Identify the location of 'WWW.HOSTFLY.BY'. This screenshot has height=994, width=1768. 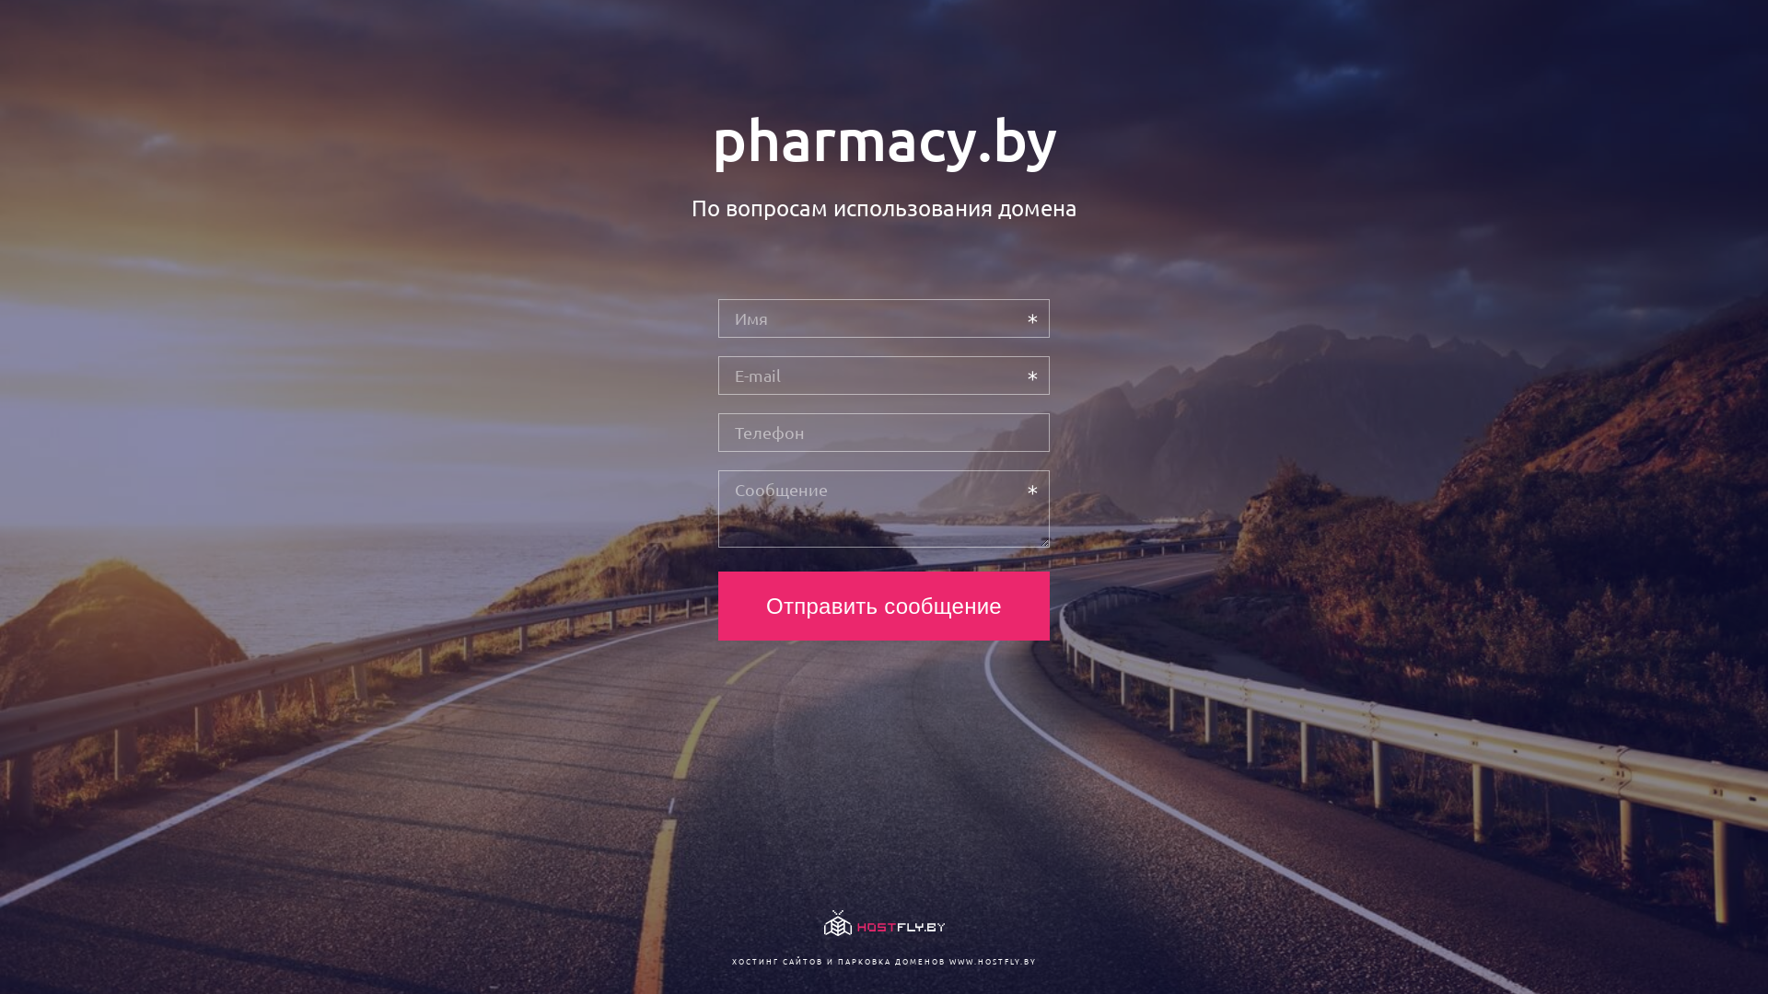
(948, 960).